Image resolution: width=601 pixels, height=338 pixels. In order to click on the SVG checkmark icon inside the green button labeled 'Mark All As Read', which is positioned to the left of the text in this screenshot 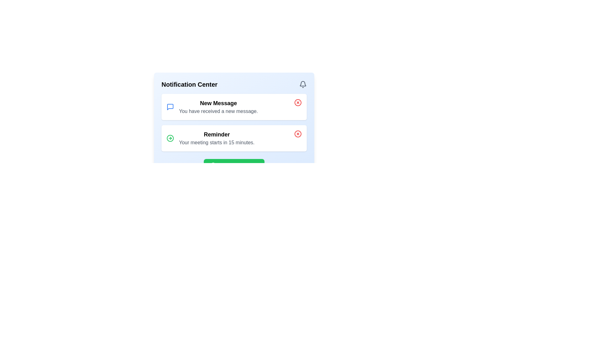, I will do `click(213, 165)`.